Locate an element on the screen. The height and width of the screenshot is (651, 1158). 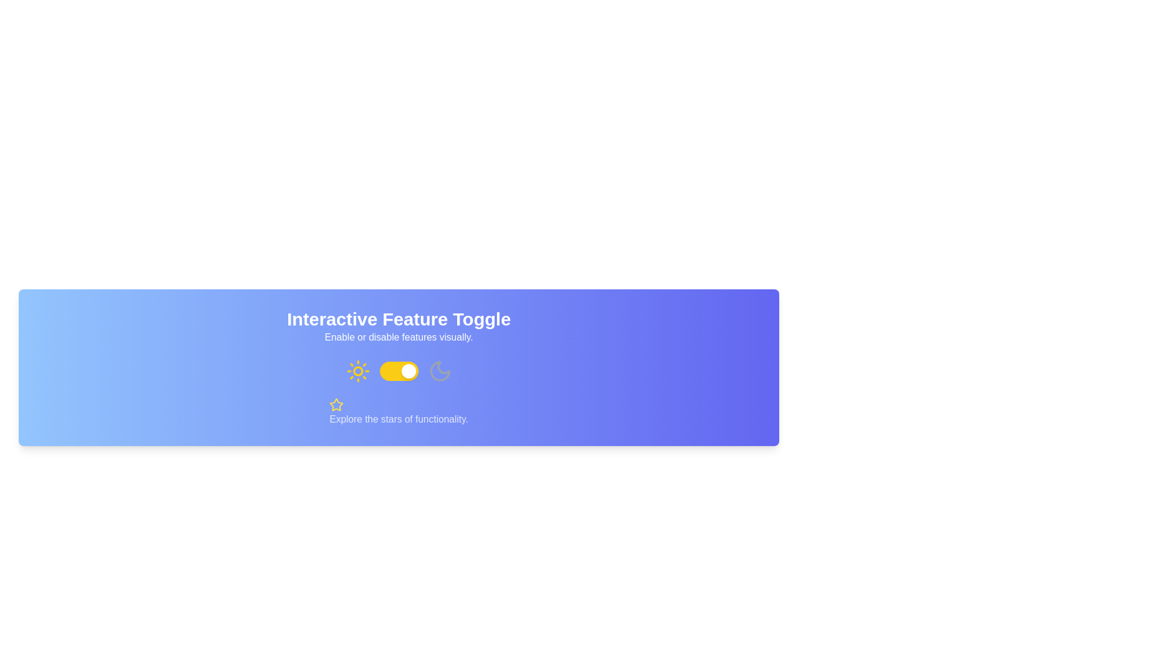
the crescent moon icon within a circular outline, located in the 'Interactive Feature Toggle' section, positioned rightmost in a group with a sun icon and a toggle switch is located at coordinates (439, 371).